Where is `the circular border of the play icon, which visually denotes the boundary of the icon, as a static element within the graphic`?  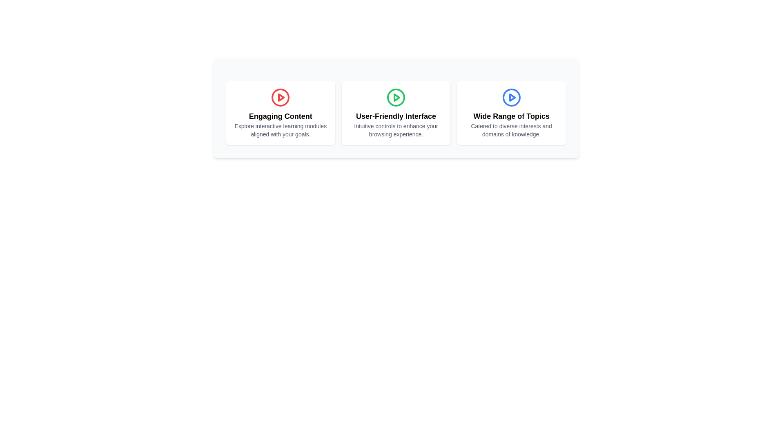
the circular border of the play icon, which visually denotes the boundary of the icon, as a static element within the graphic is located at coordinates (396, 97).